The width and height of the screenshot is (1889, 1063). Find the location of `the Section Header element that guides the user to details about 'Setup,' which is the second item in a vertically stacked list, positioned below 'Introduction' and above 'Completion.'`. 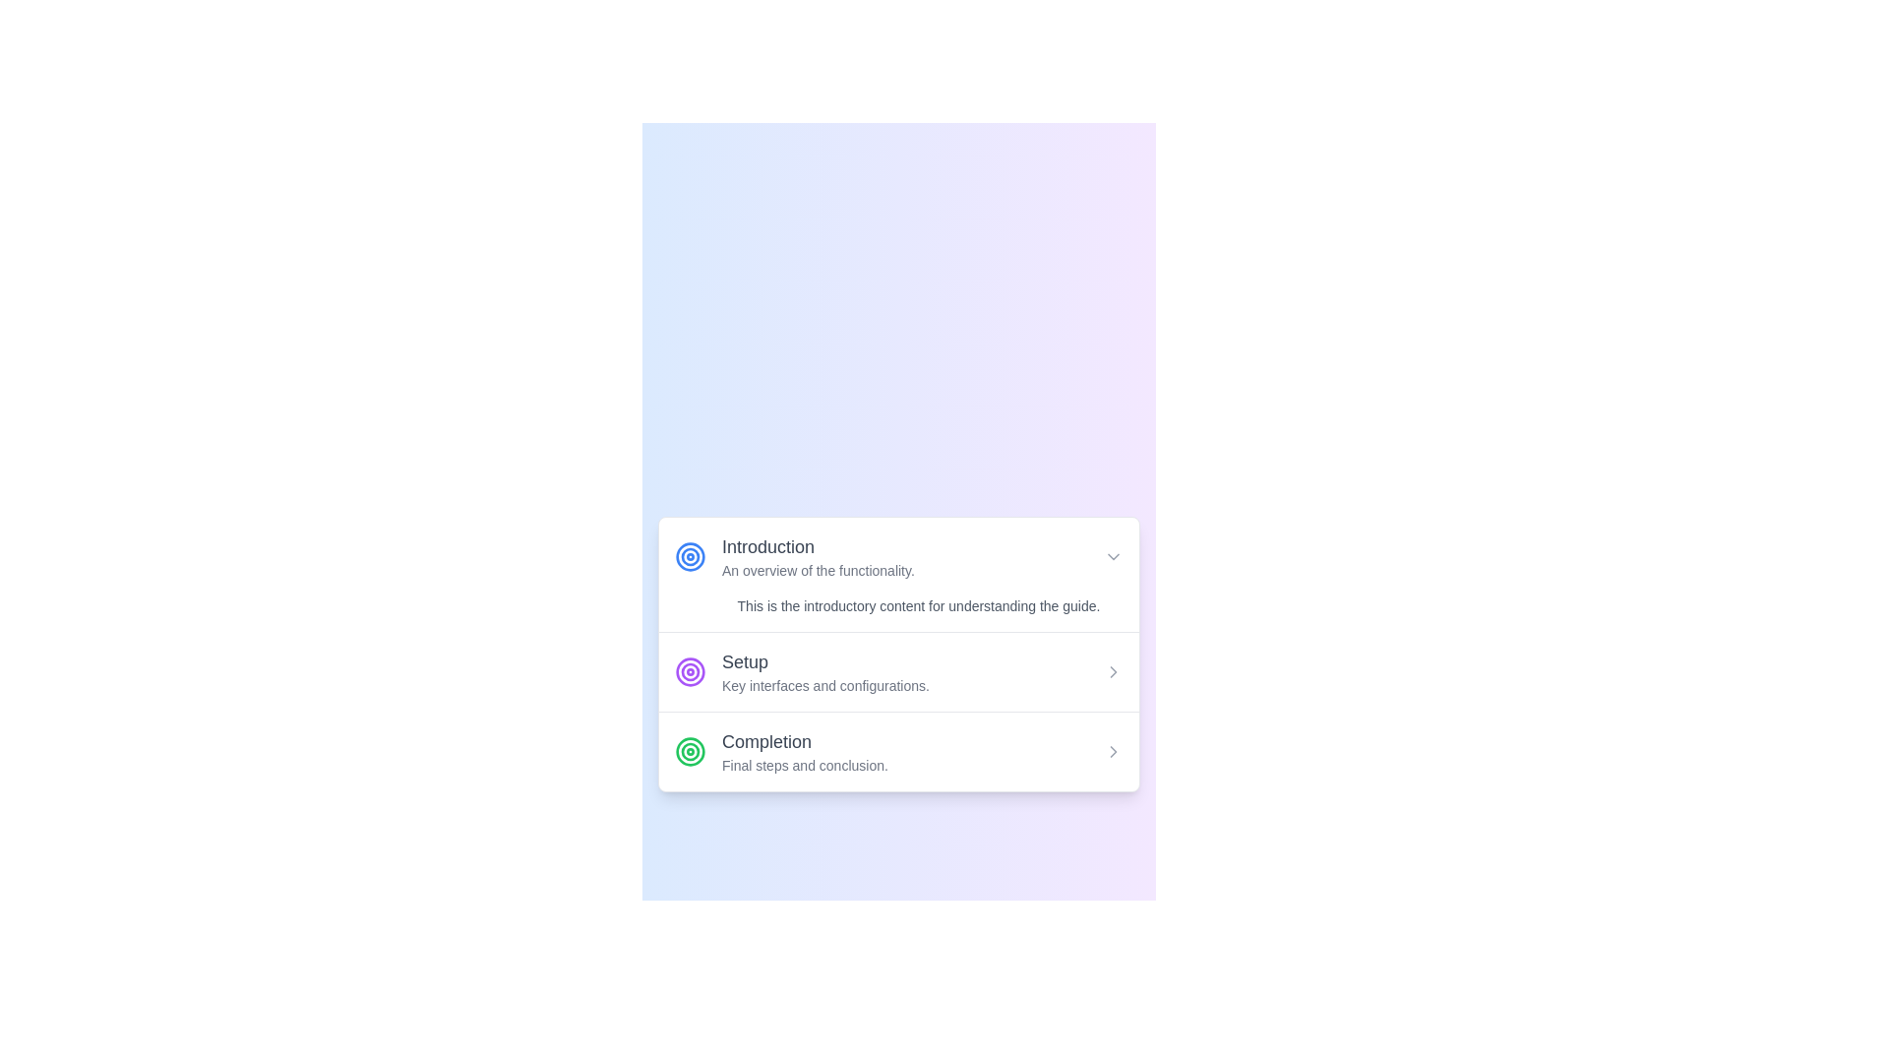

the Section Header element that guides the user to details about 'Setup,' which is the second item in a vertically stacked list, positioned below 'Introduction' and above 'Completion.' is located at coordinates (802, 670).